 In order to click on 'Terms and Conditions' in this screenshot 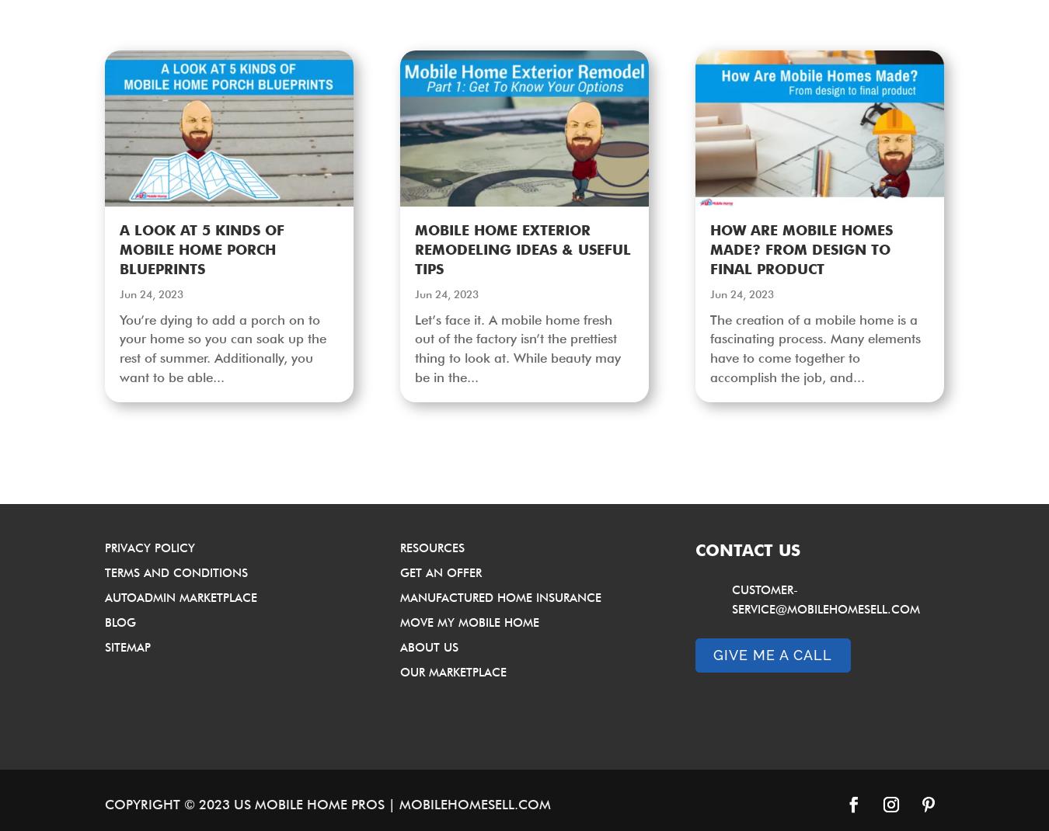, I will do `click(175, 572)`.